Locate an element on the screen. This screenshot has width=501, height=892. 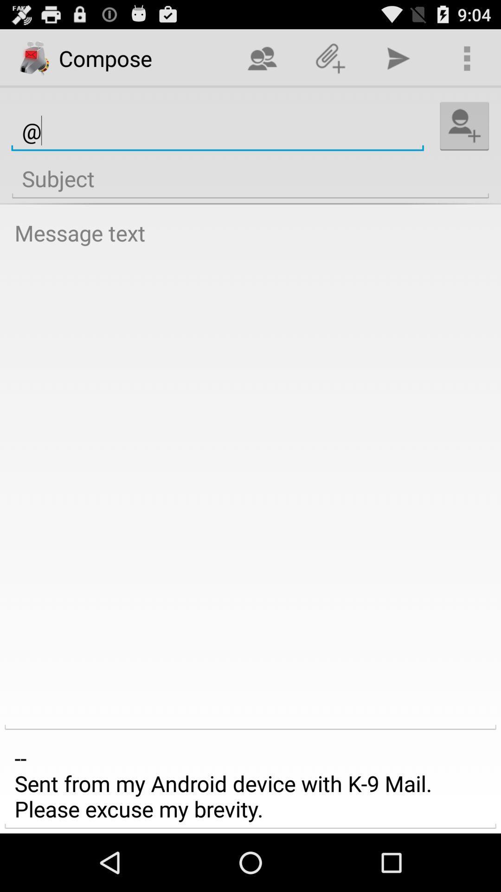
the item above the sent from my is located at coordinates (250, 472).